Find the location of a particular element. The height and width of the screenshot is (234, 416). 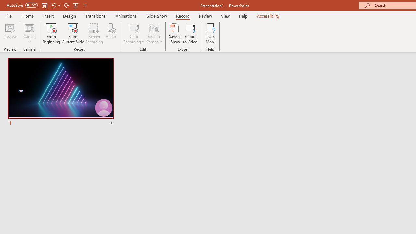

'Reset to Cameo' is located at coordinates (154, 33).